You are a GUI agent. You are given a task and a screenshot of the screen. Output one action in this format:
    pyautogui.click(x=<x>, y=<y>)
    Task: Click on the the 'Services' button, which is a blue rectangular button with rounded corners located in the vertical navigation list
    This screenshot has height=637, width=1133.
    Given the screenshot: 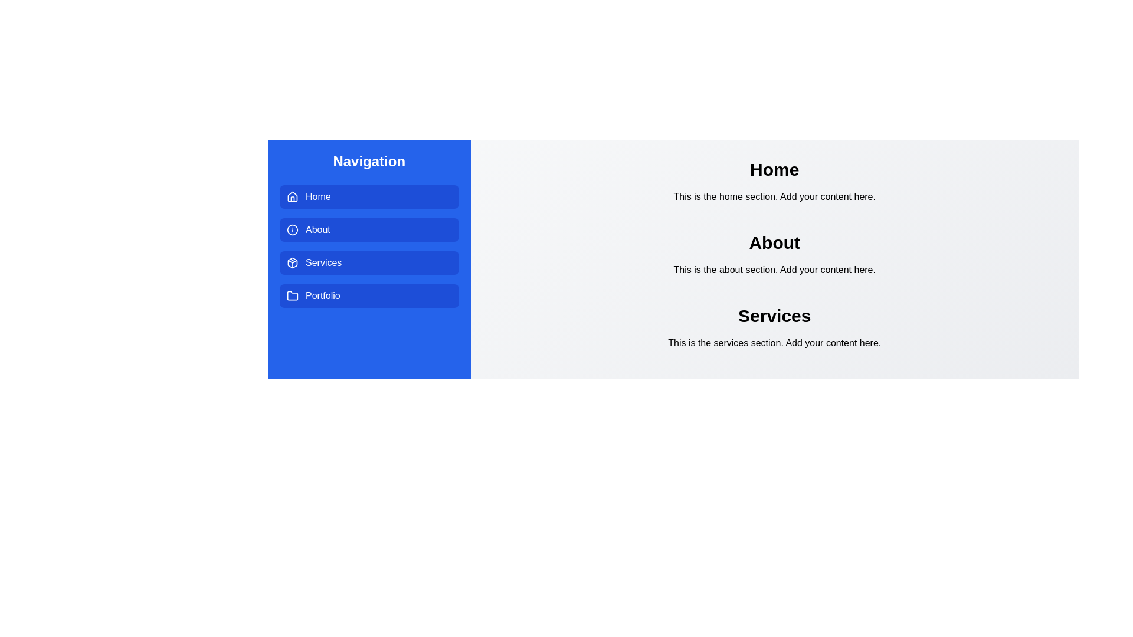 What is the action you would take?
    pyautogui.click(x=368, y=262)
    